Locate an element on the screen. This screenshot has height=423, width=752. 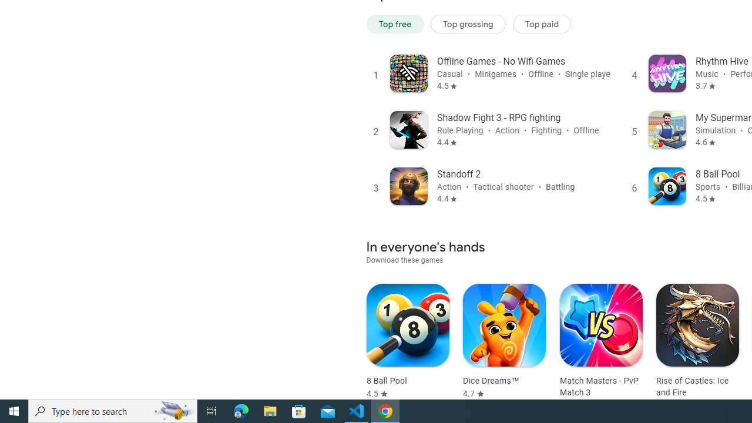
'8 Ball Pool Rated 4.5 stars out of five stars' is located at coordinates (408, 341).